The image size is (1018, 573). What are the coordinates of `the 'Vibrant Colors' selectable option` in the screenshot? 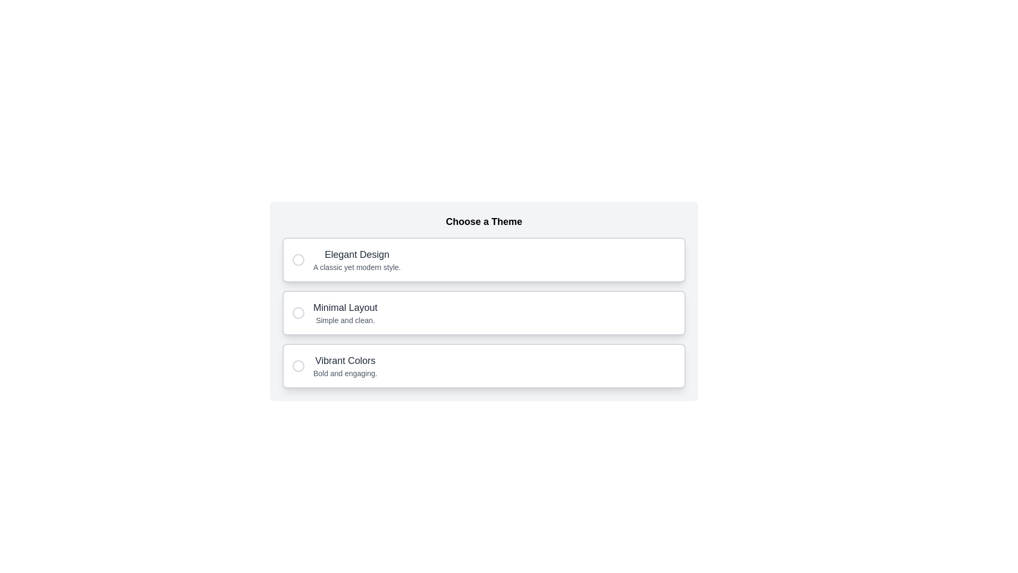 It's located at (483, 366).